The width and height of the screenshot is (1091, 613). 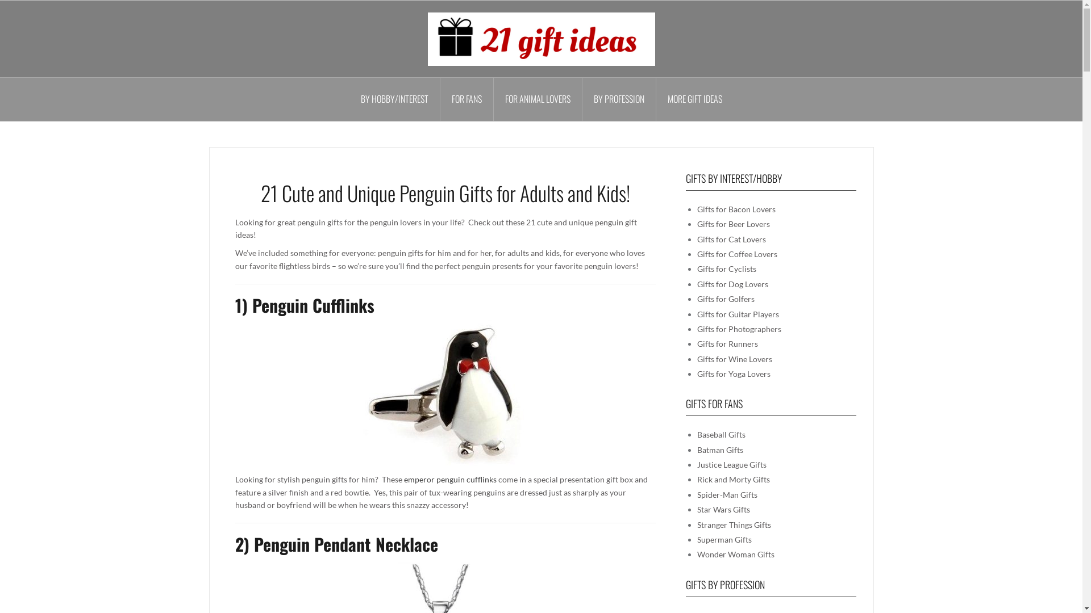 What do you see at coordinates (732, 283) in the screenshot?
I see `'Gifts for Dog Lovers'` at bounding box center [732, 283].